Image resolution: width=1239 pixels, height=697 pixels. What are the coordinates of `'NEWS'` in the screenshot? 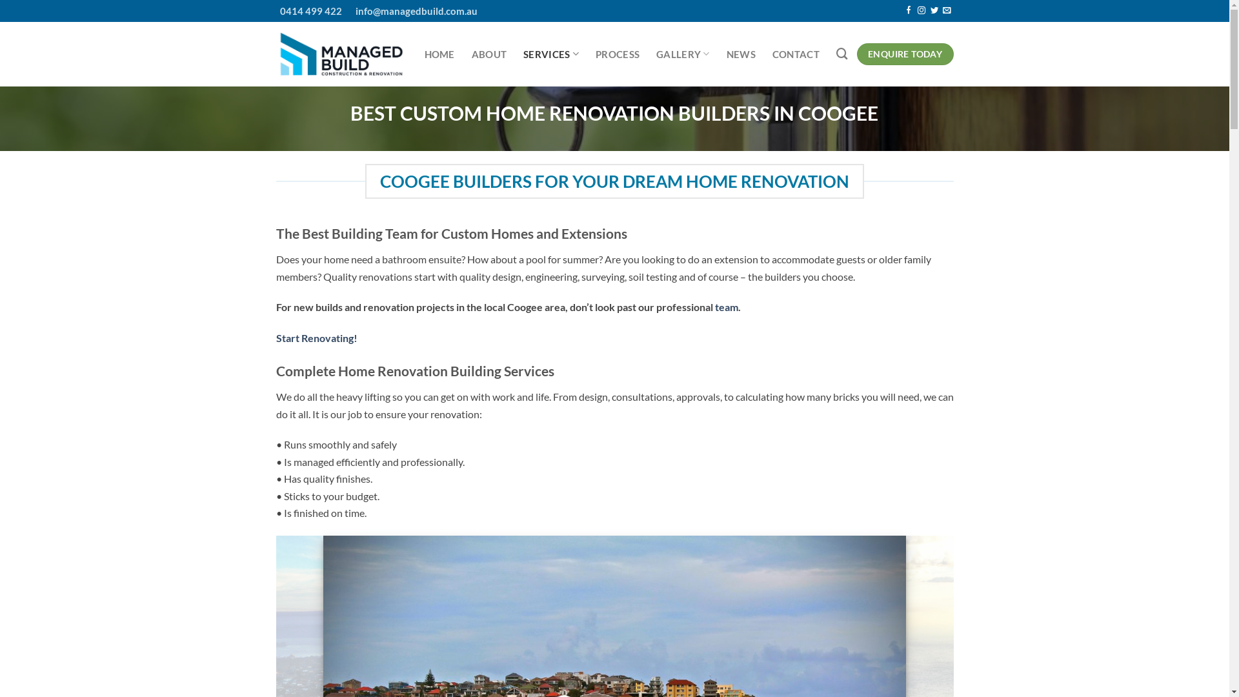 It's located at (741, 54).